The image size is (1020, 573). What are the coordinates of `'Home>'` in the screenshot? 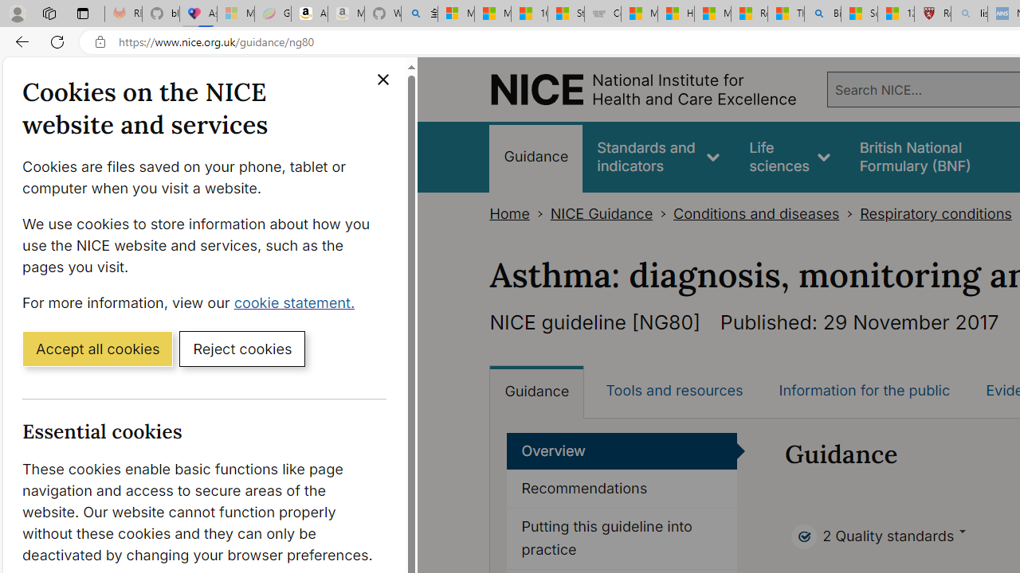 It's located at (520, 213).